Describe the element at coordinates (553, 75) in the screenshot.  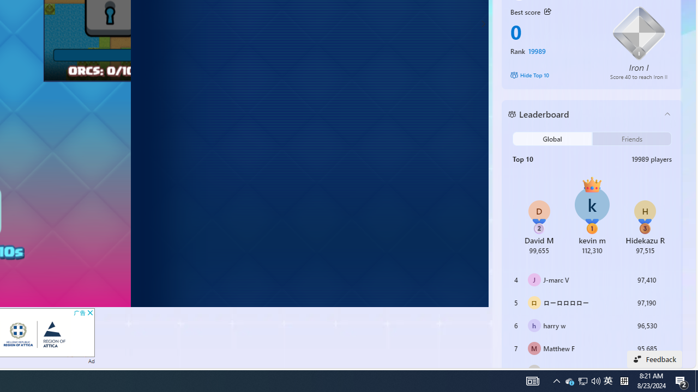
I see `'Hide Top 10'` at that location.